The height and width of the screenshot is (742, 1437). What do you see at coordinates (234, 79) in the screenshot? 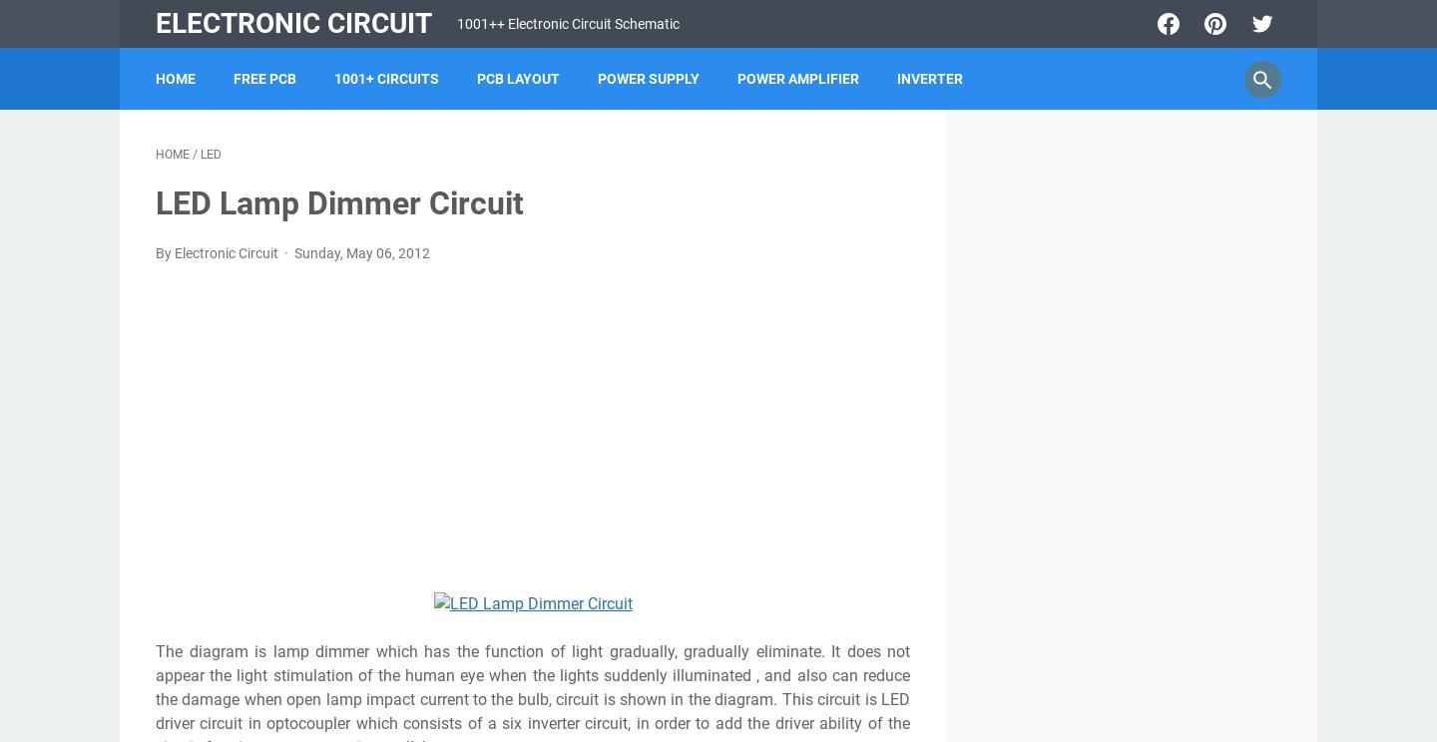
I see `'FREE PCB'` at bounding box center [234, 79].